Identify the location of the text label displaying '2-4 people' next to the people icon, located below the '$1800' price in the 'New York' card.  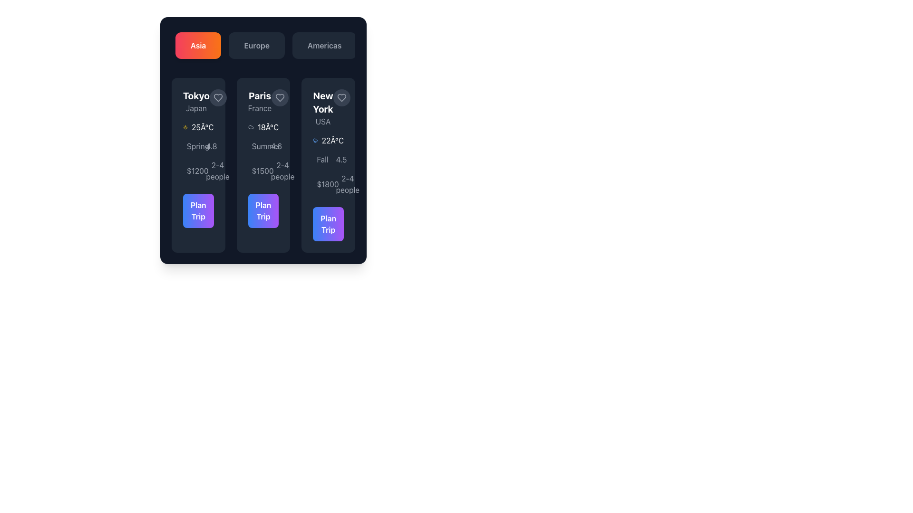
(338, 184).